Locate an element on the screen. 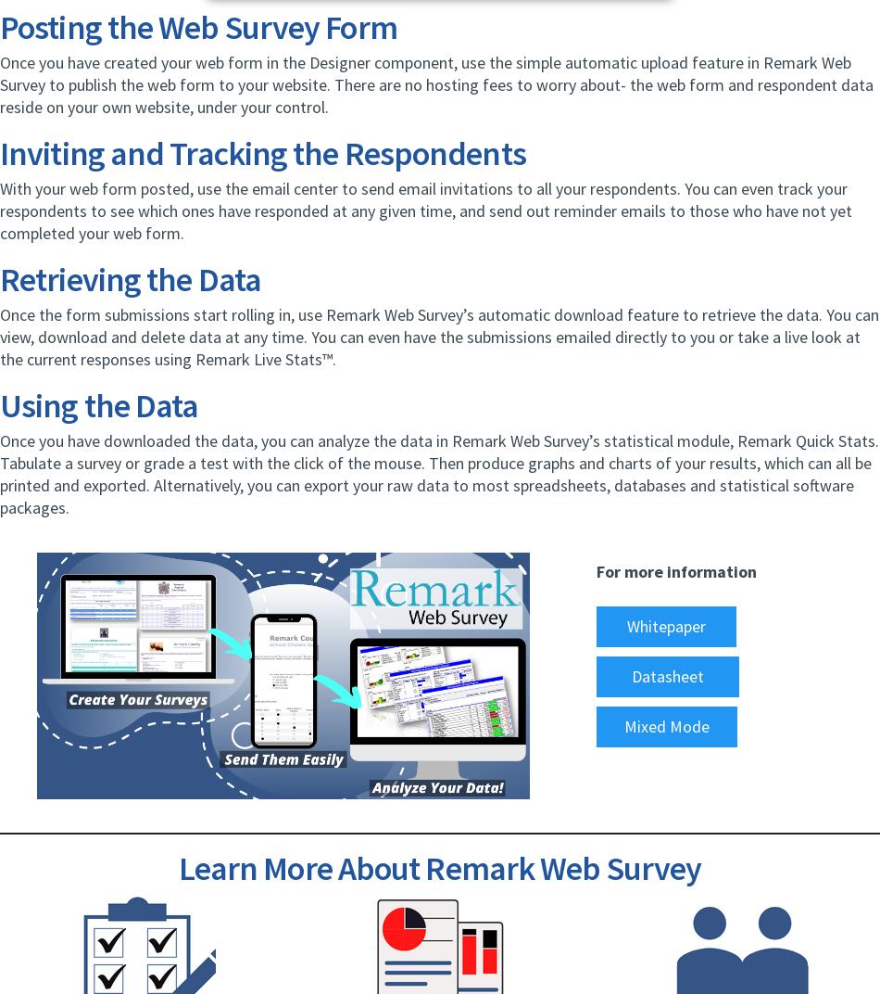 The width and height of the screenshot is (880, 994). 'For more information' is located at coordinates (597, 571).